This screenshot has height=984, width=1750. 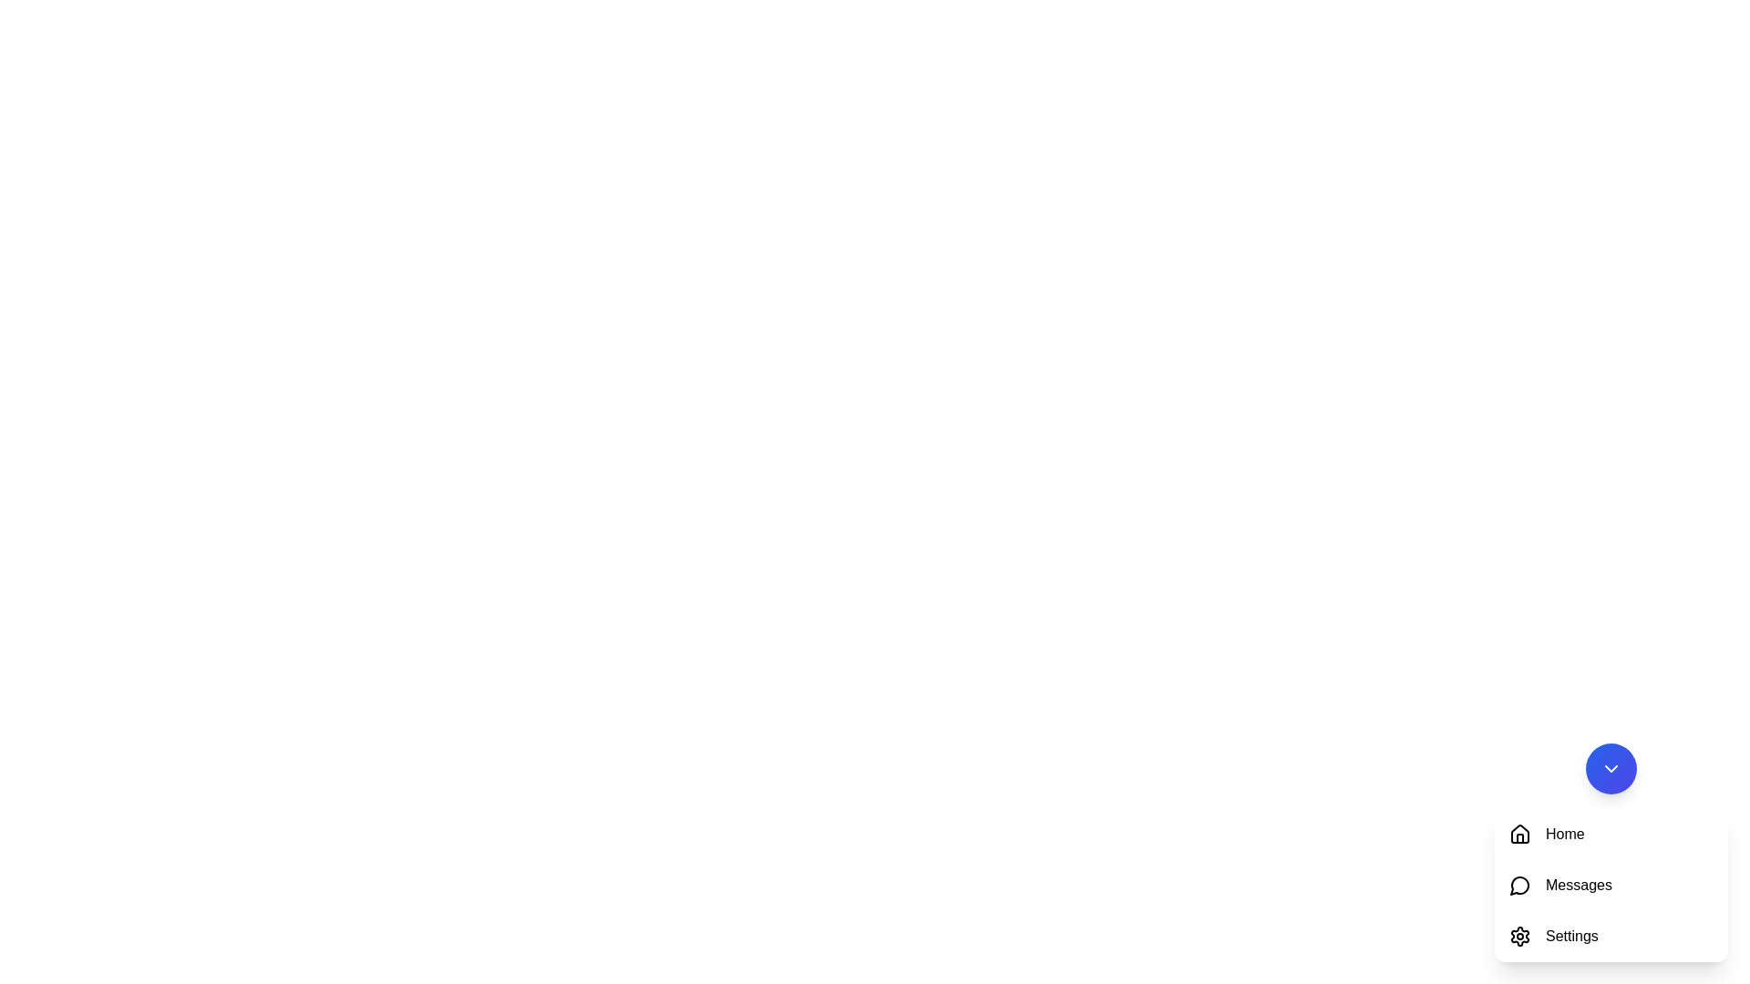 What do you see at coordinates (1611, 885) in the screenshot?
I see `the second button in the vertical navigation menu` at bounding box center [1611, 885].